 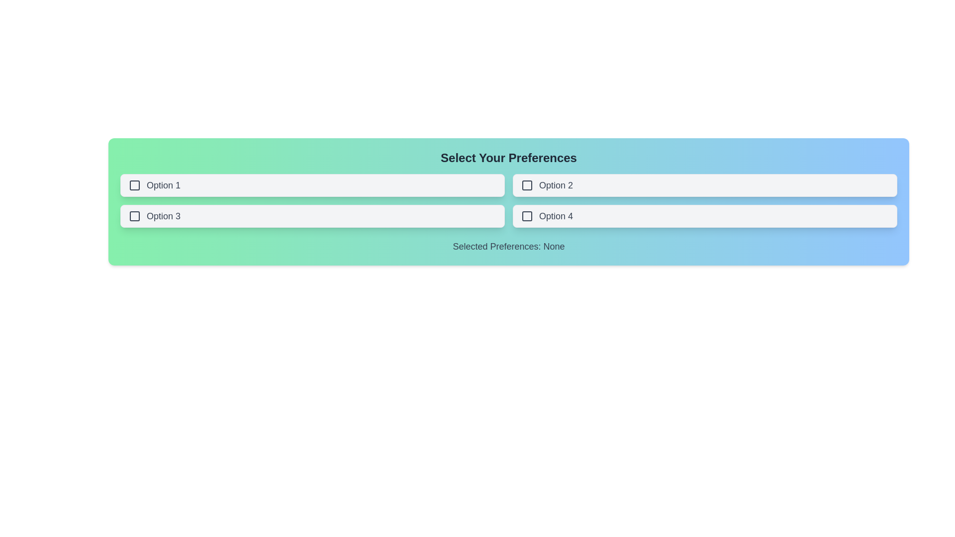 I want to click on the button labeled Option 2 to observe the hover state change, so click(x=704, y=185).